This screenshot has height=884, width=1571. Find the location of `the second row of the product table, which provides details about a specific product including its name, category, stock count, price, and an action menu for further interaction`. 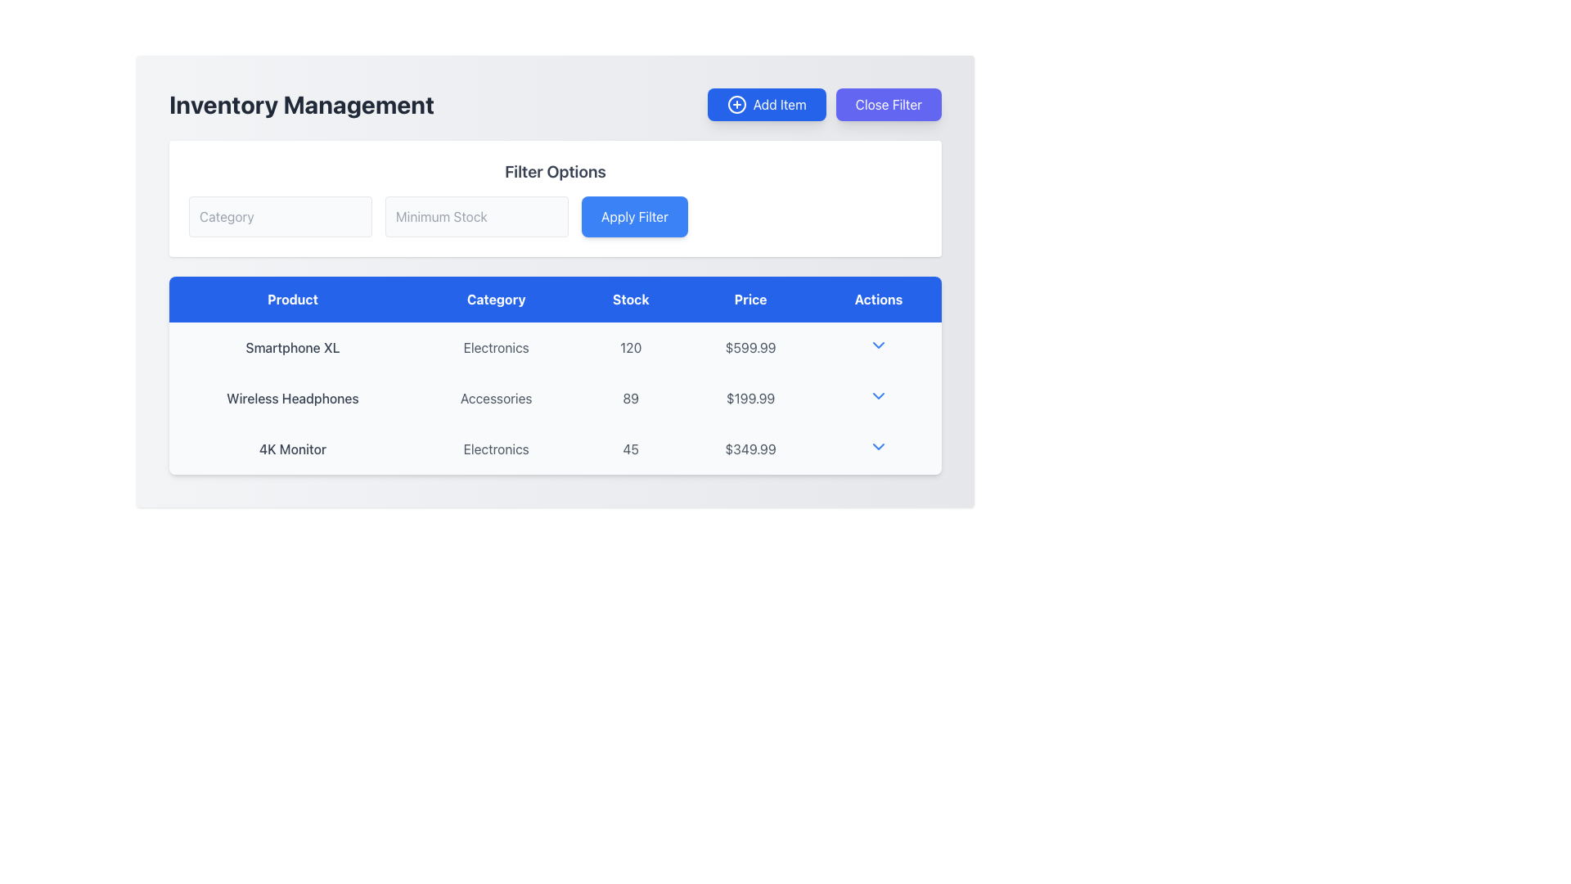

the second row of the product table, which provides details about a specific product including its name, category, stock count, price, and an action menu for further interaction is located at coordinates (555, 398).